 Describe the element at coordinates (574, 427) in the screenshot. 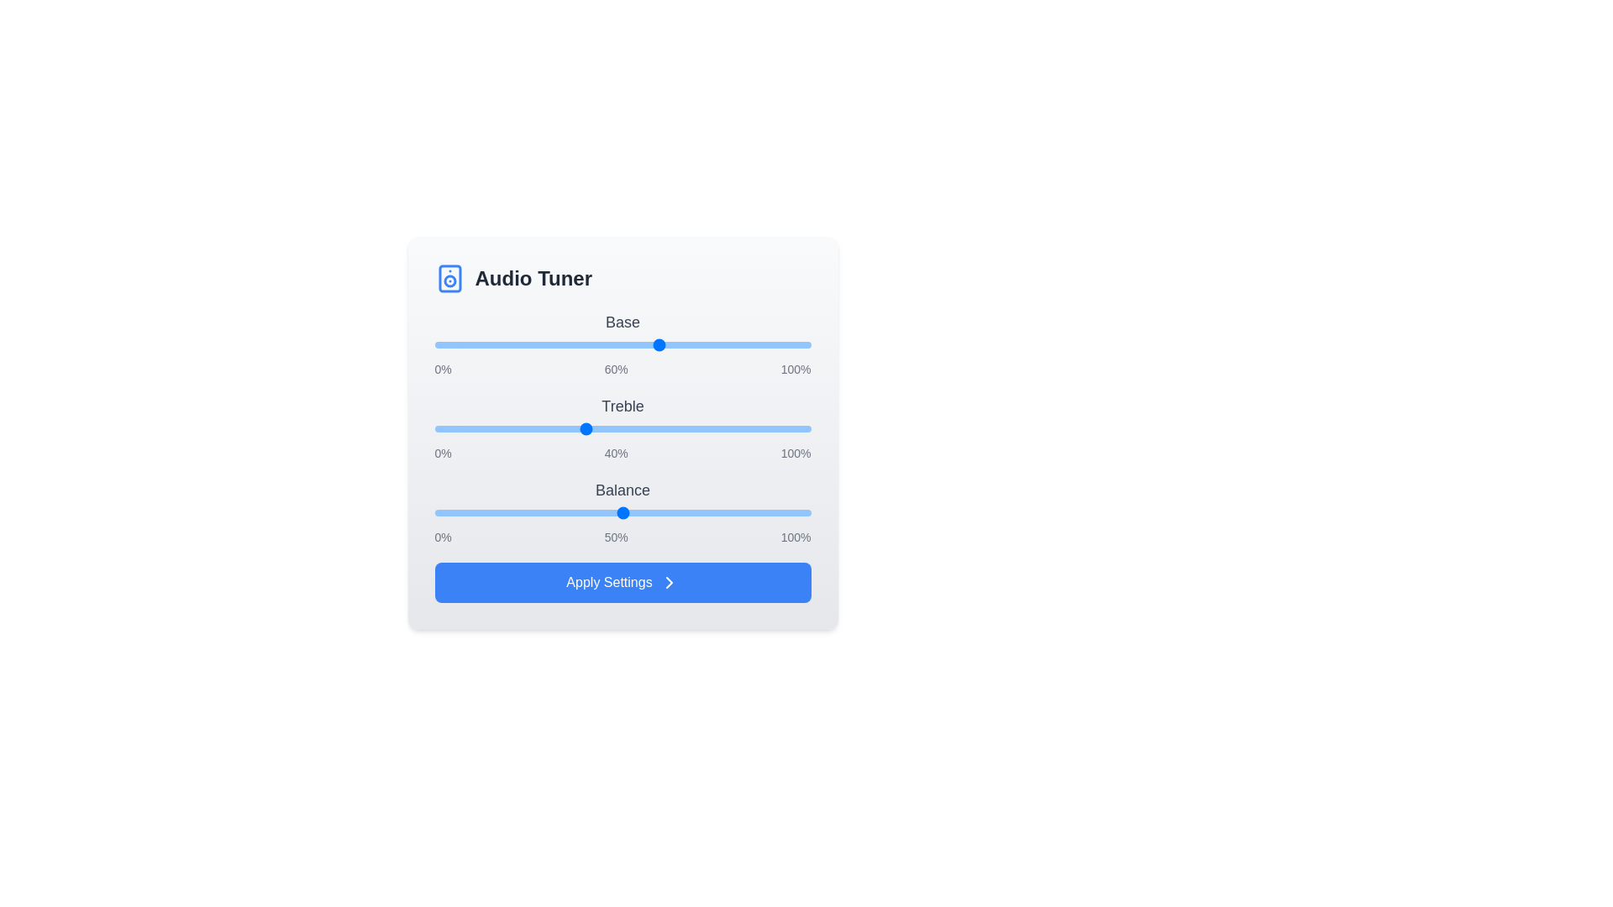

I see `the 1 slider to 37%` at that location.